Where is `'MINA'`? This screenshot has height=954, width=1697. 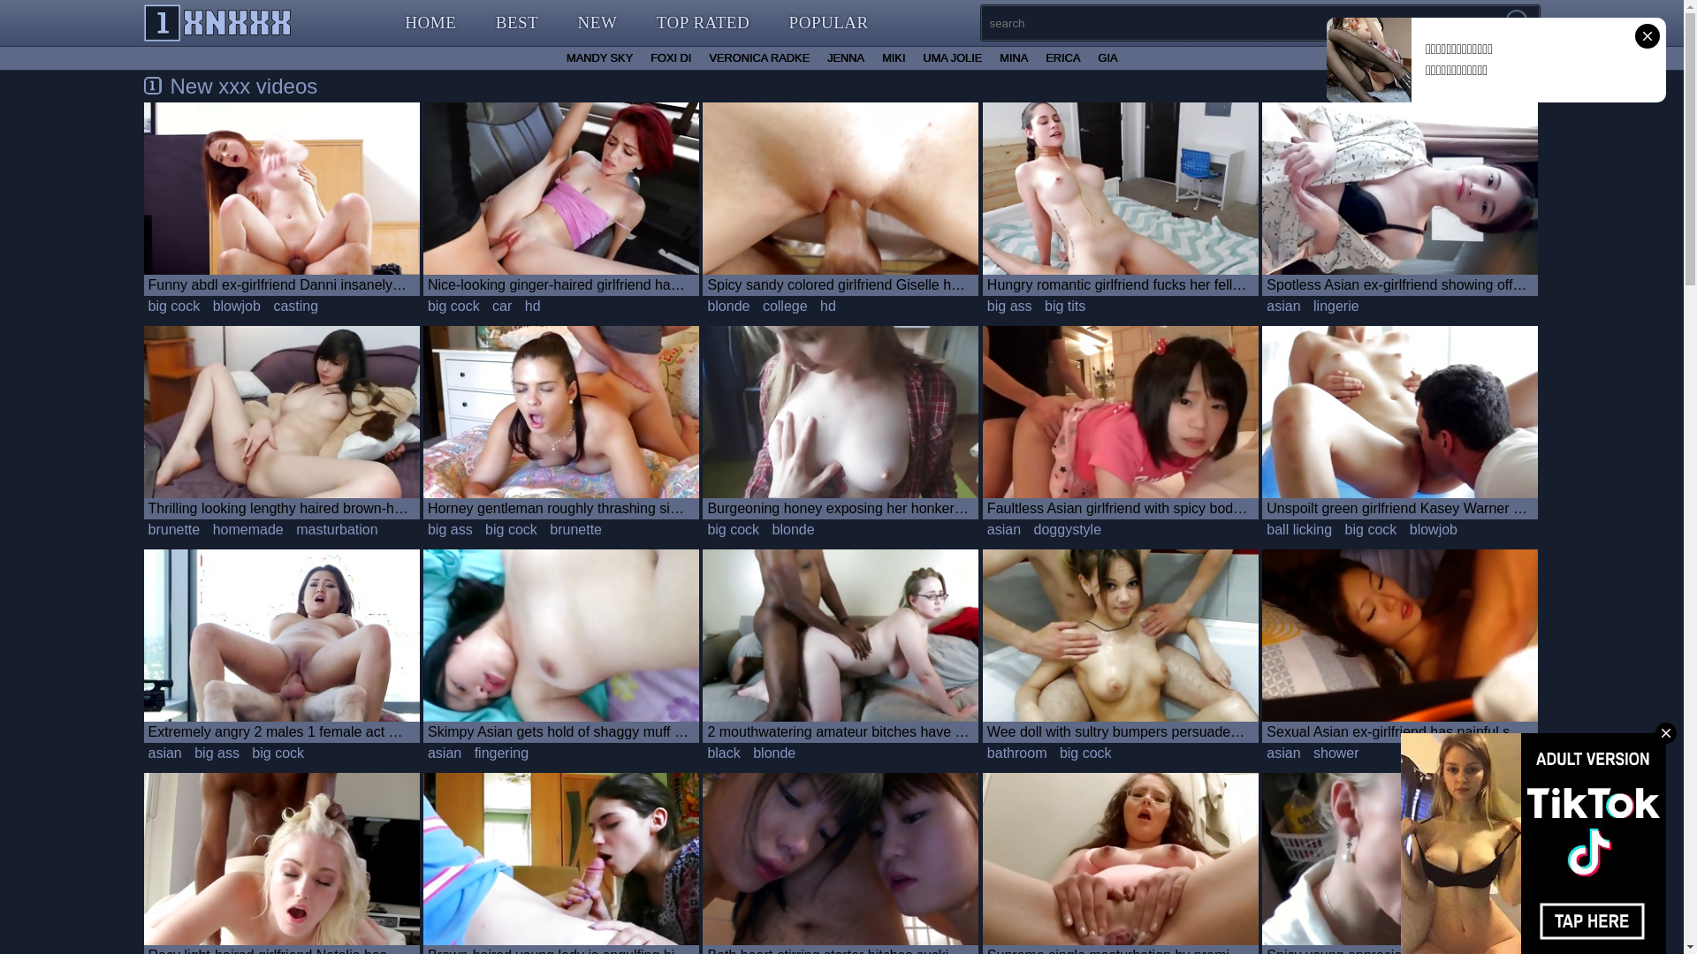
'MINA' is located at coordinates (1014, 57).